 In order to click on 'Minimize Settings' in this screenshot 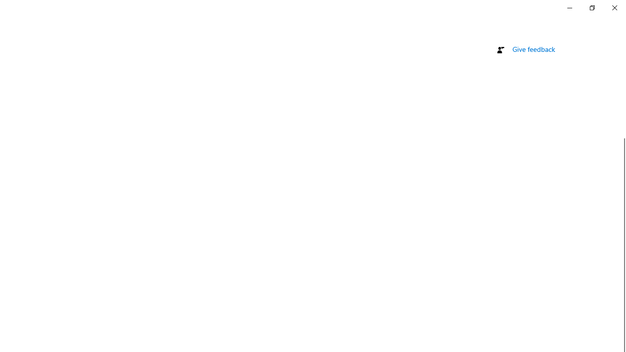, I will do `click(569, 7)`.